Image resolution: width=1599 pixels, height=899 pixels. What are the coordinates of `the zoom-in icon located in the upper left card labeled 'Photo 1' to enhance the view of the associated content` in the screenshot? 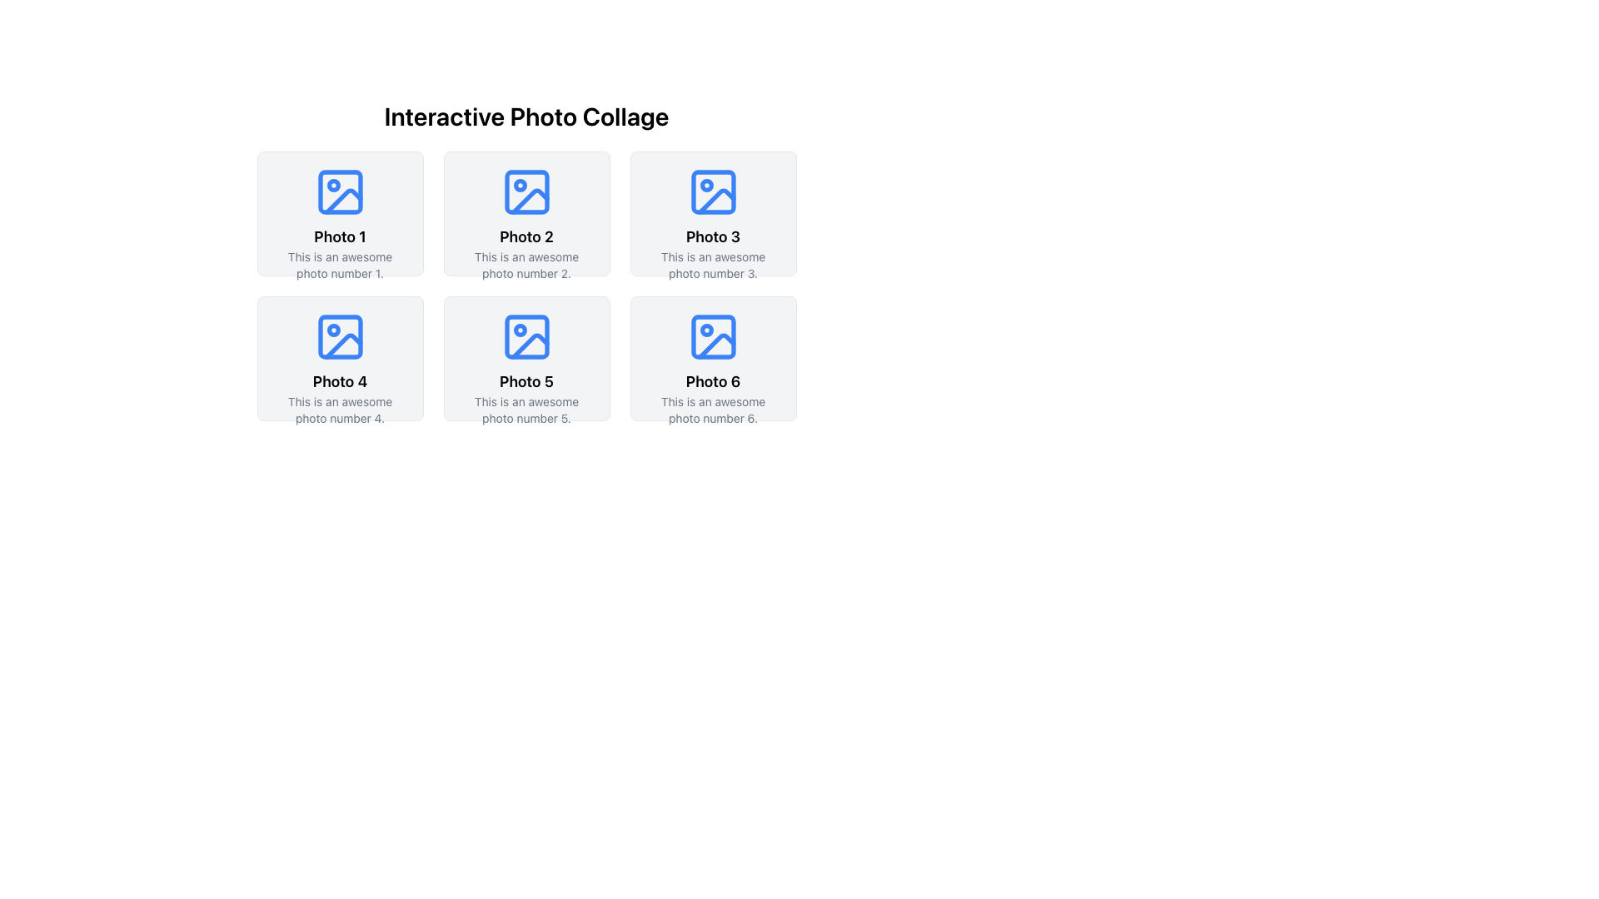 It's located at (339, 213).